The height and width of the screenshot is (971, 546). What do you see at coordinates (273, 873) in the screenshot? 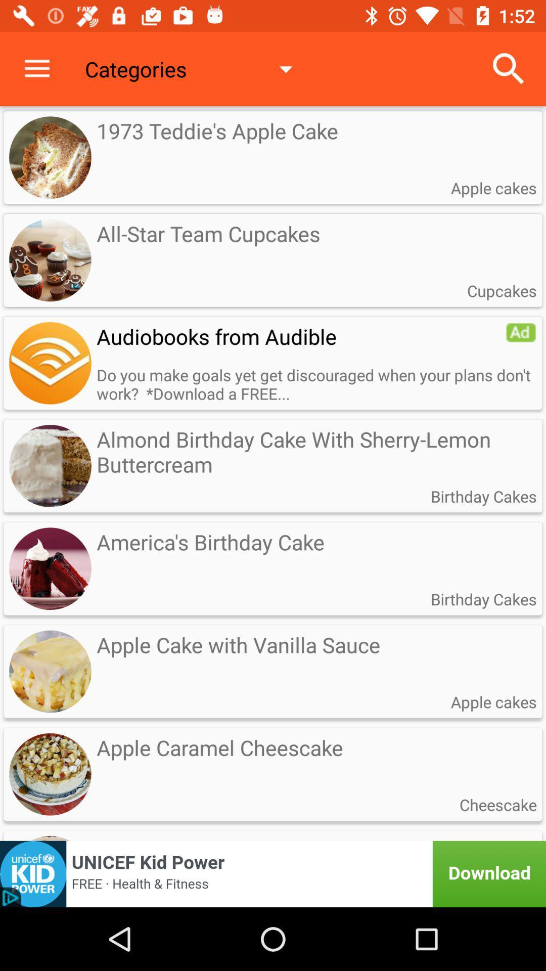
I see `download app` at bounding box center [273, 873].